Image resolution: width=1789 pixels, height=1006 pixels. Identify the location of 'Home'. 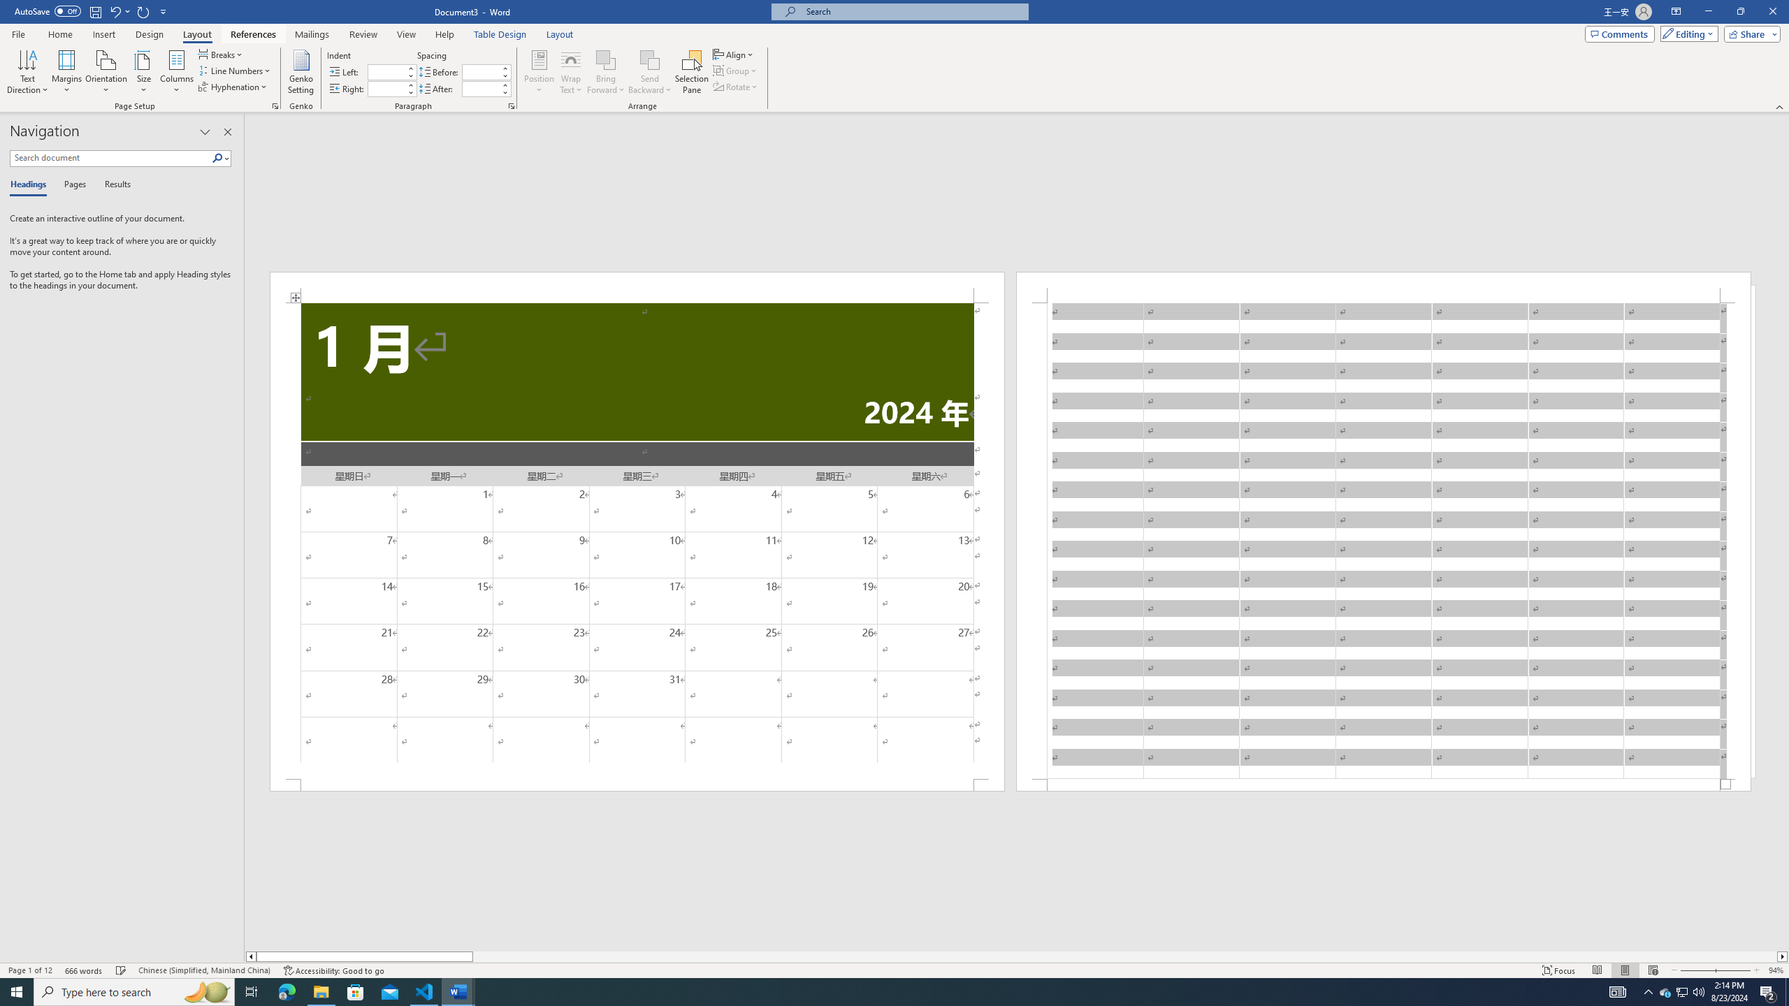
(59, 34).